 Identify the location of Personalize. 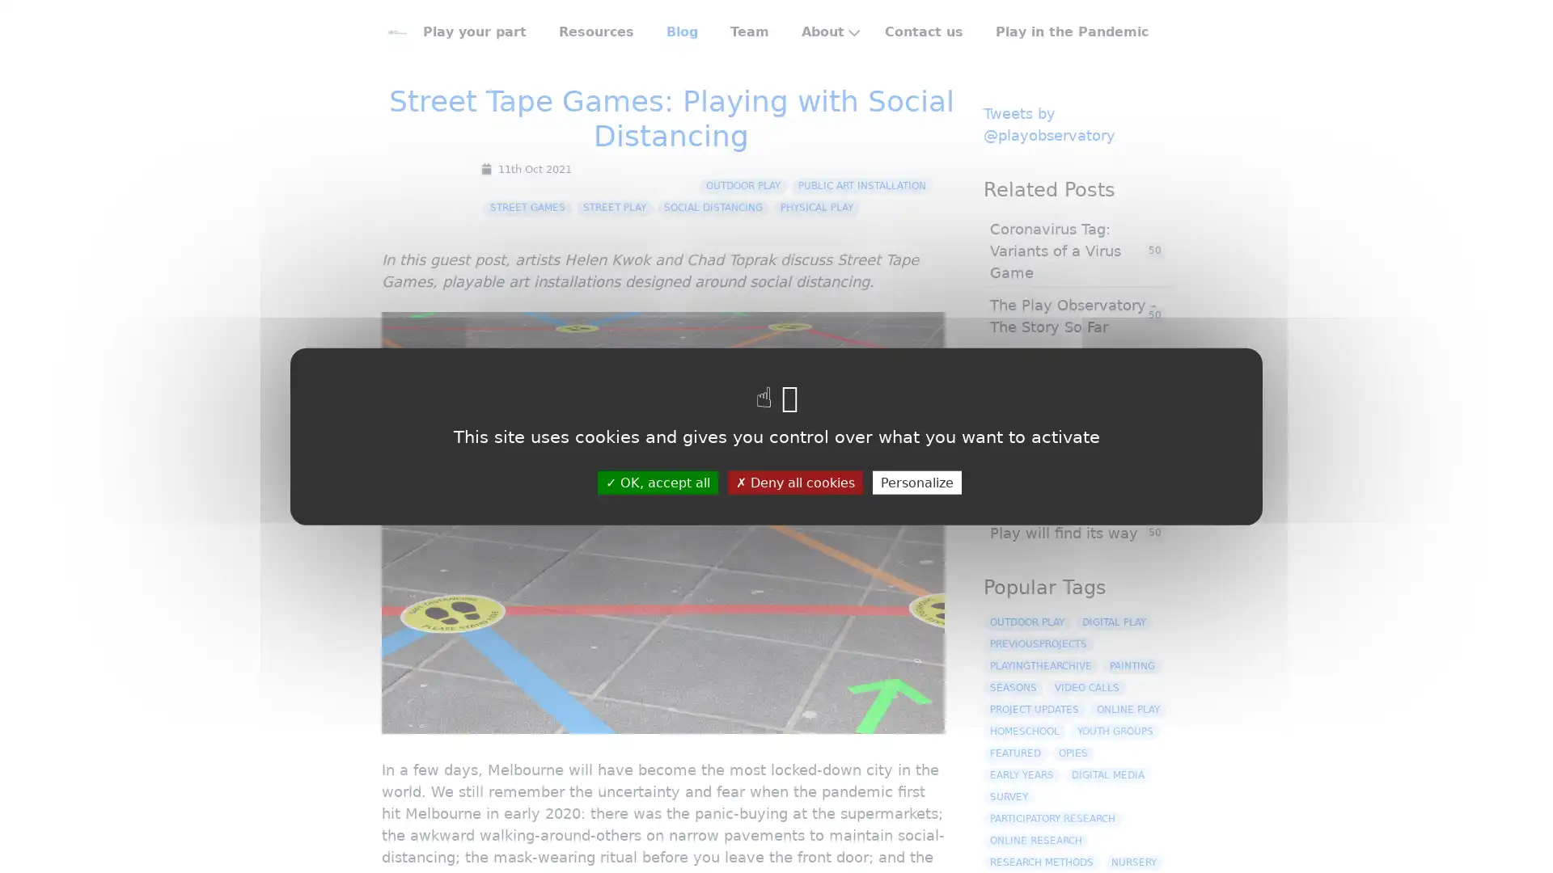
(916, 481).